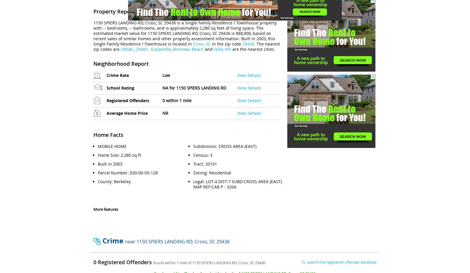 Image resolution: width=470 pixels, height=273 pixels. Describe the element at coordinates (214, 49) in the screenshot. I see `'Holly Hill'` at that location.